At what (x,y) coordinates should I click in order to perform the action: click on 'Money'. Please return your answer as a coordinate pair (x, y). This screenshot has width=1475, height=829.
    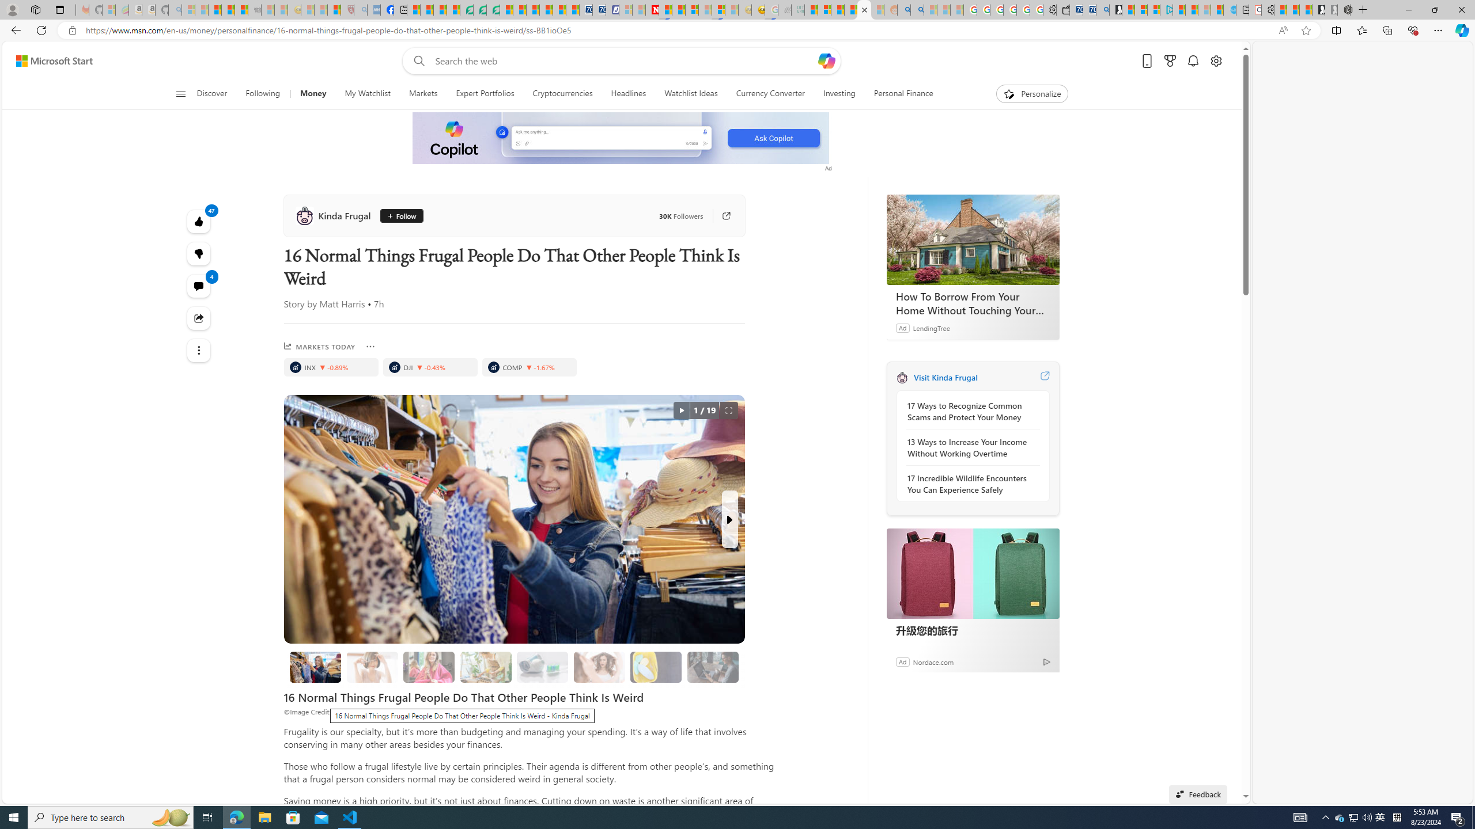
    Looking at the image, I should click on (313, 93).